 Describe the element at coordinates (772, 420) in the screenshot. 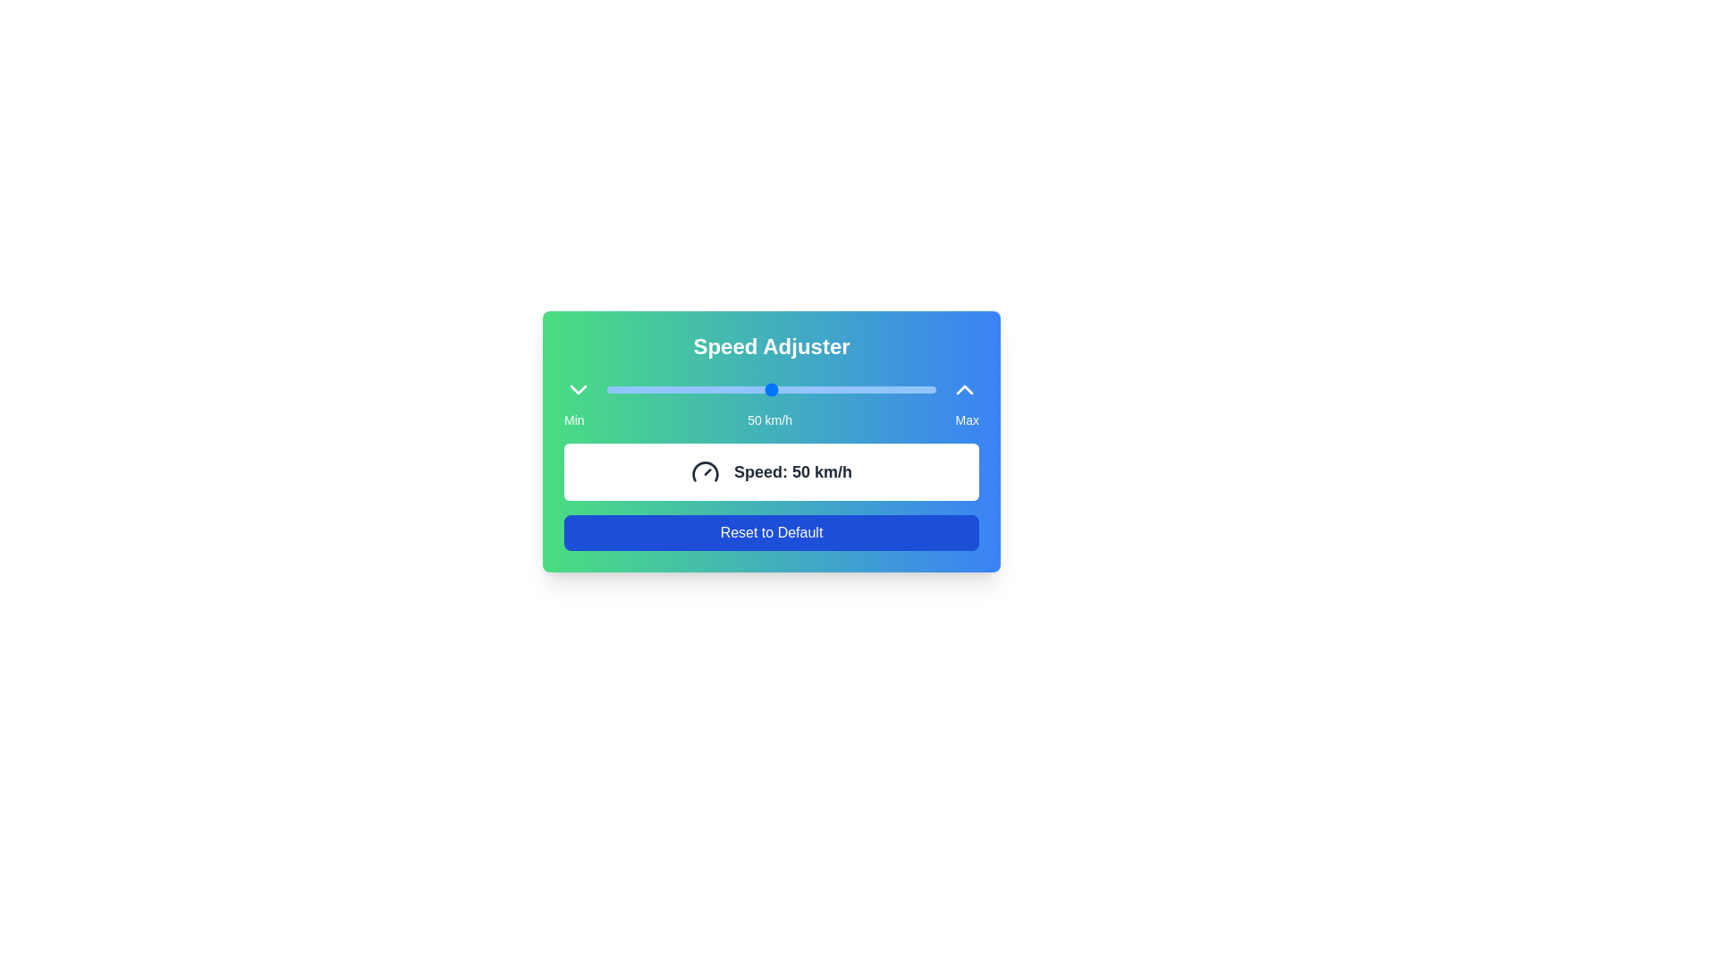

I see `the Textual Indicator of the Speed Adjuster component, which displays the minimum, current, and maximum speed values` at that location.